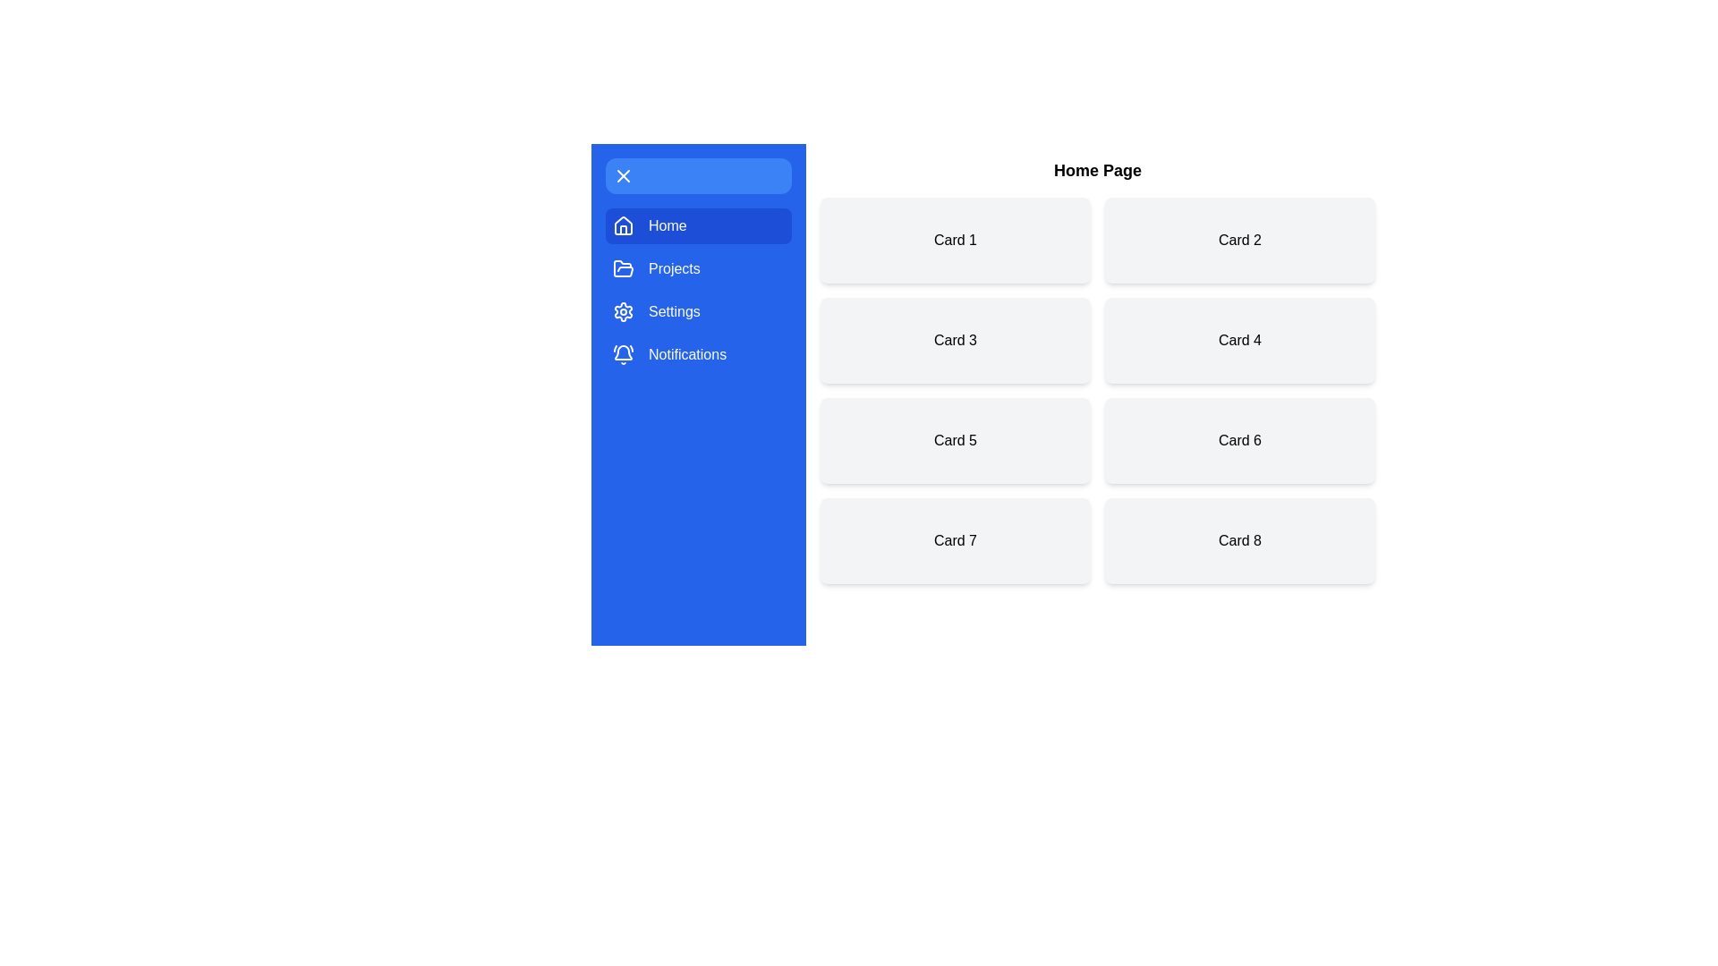 The width and height of the screenshot is (1718, 966). What do you see at coordinates (698, 268) in the screenshot?
I see `the menu item Projects in the StyledDrawer component` at bounding box center [698, 268].